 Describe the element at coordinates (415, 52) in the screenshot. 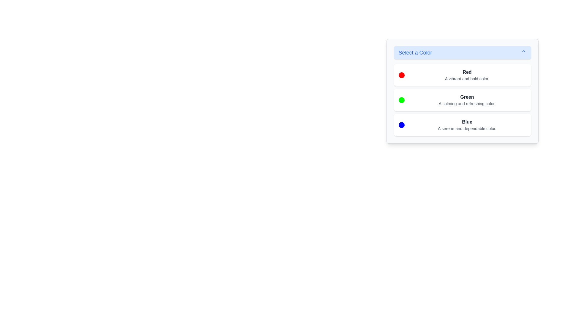

I see `the static text label that indicates the content or purpose of the dropdown, located on the left side and aligned with an arrow icon` at that location.